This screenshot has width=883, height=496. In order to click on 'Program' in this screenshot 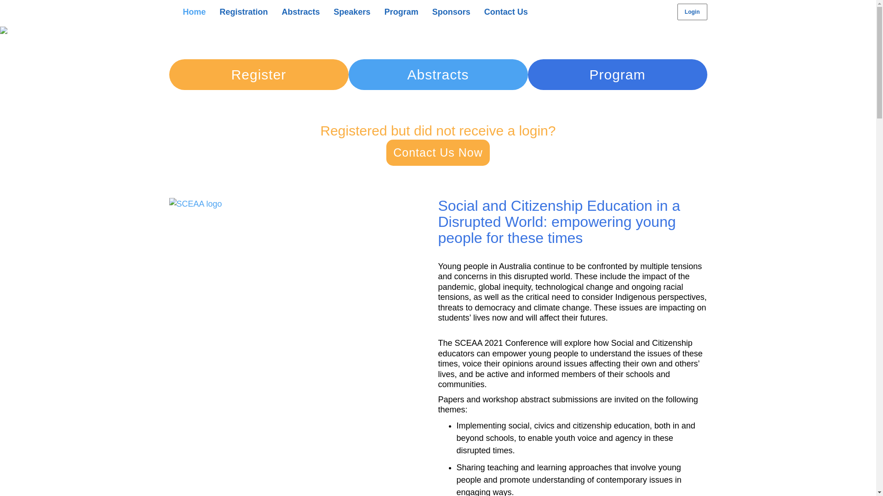, I will do `click(618, 74)`.